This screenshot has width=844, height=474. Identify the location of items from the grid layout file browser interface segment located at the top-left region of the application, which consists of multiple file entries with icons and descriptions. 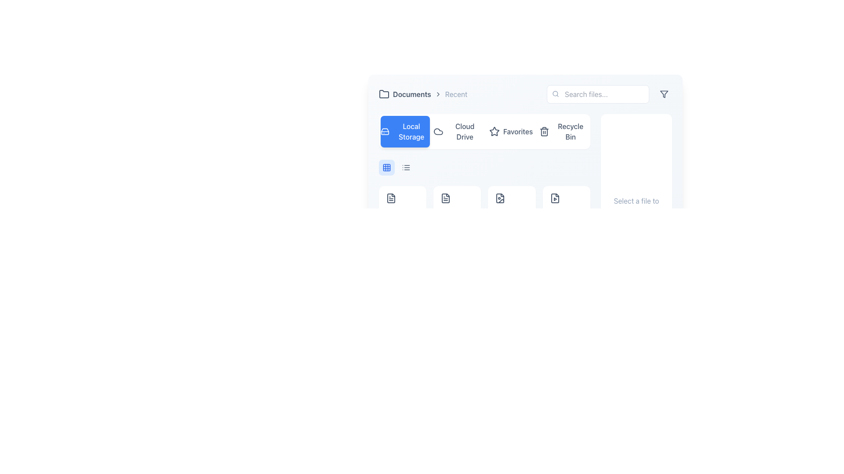
(484, 206).